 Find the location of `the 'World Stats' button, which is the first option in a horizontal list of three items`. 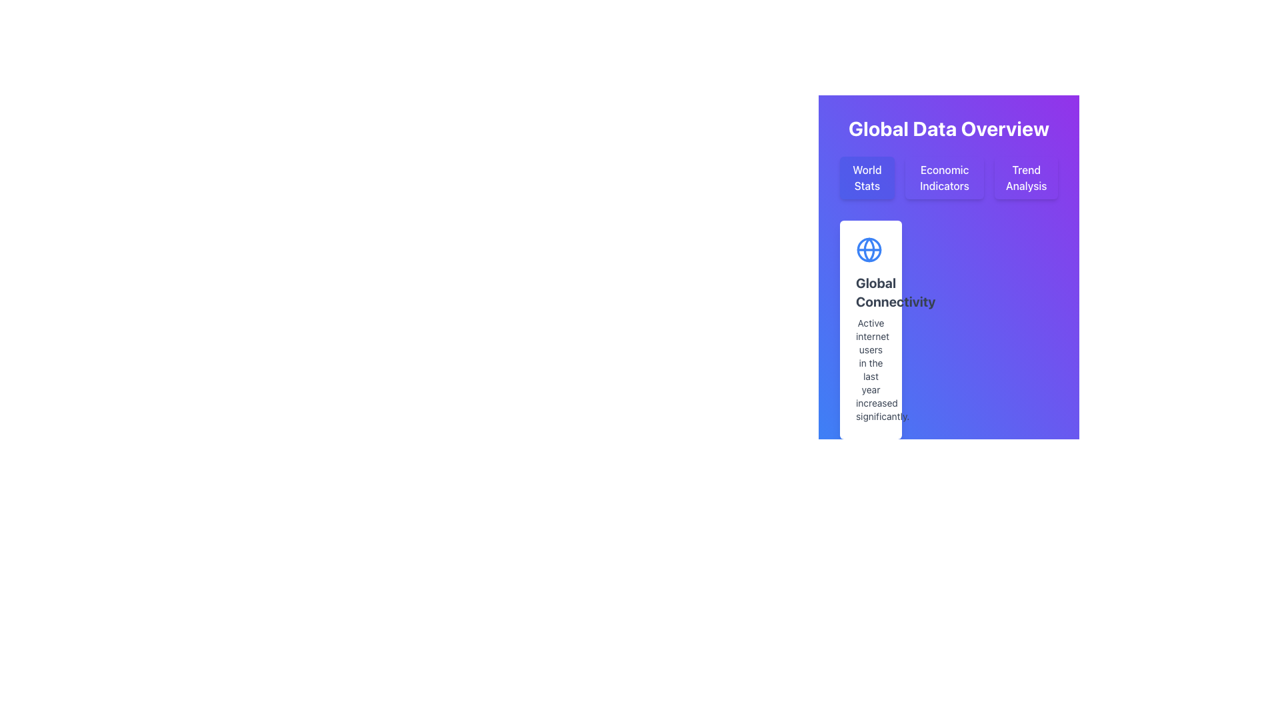

the 'World Stats' button, which is the first option in a horizontal list of three items is located at coordinates (867, 177).